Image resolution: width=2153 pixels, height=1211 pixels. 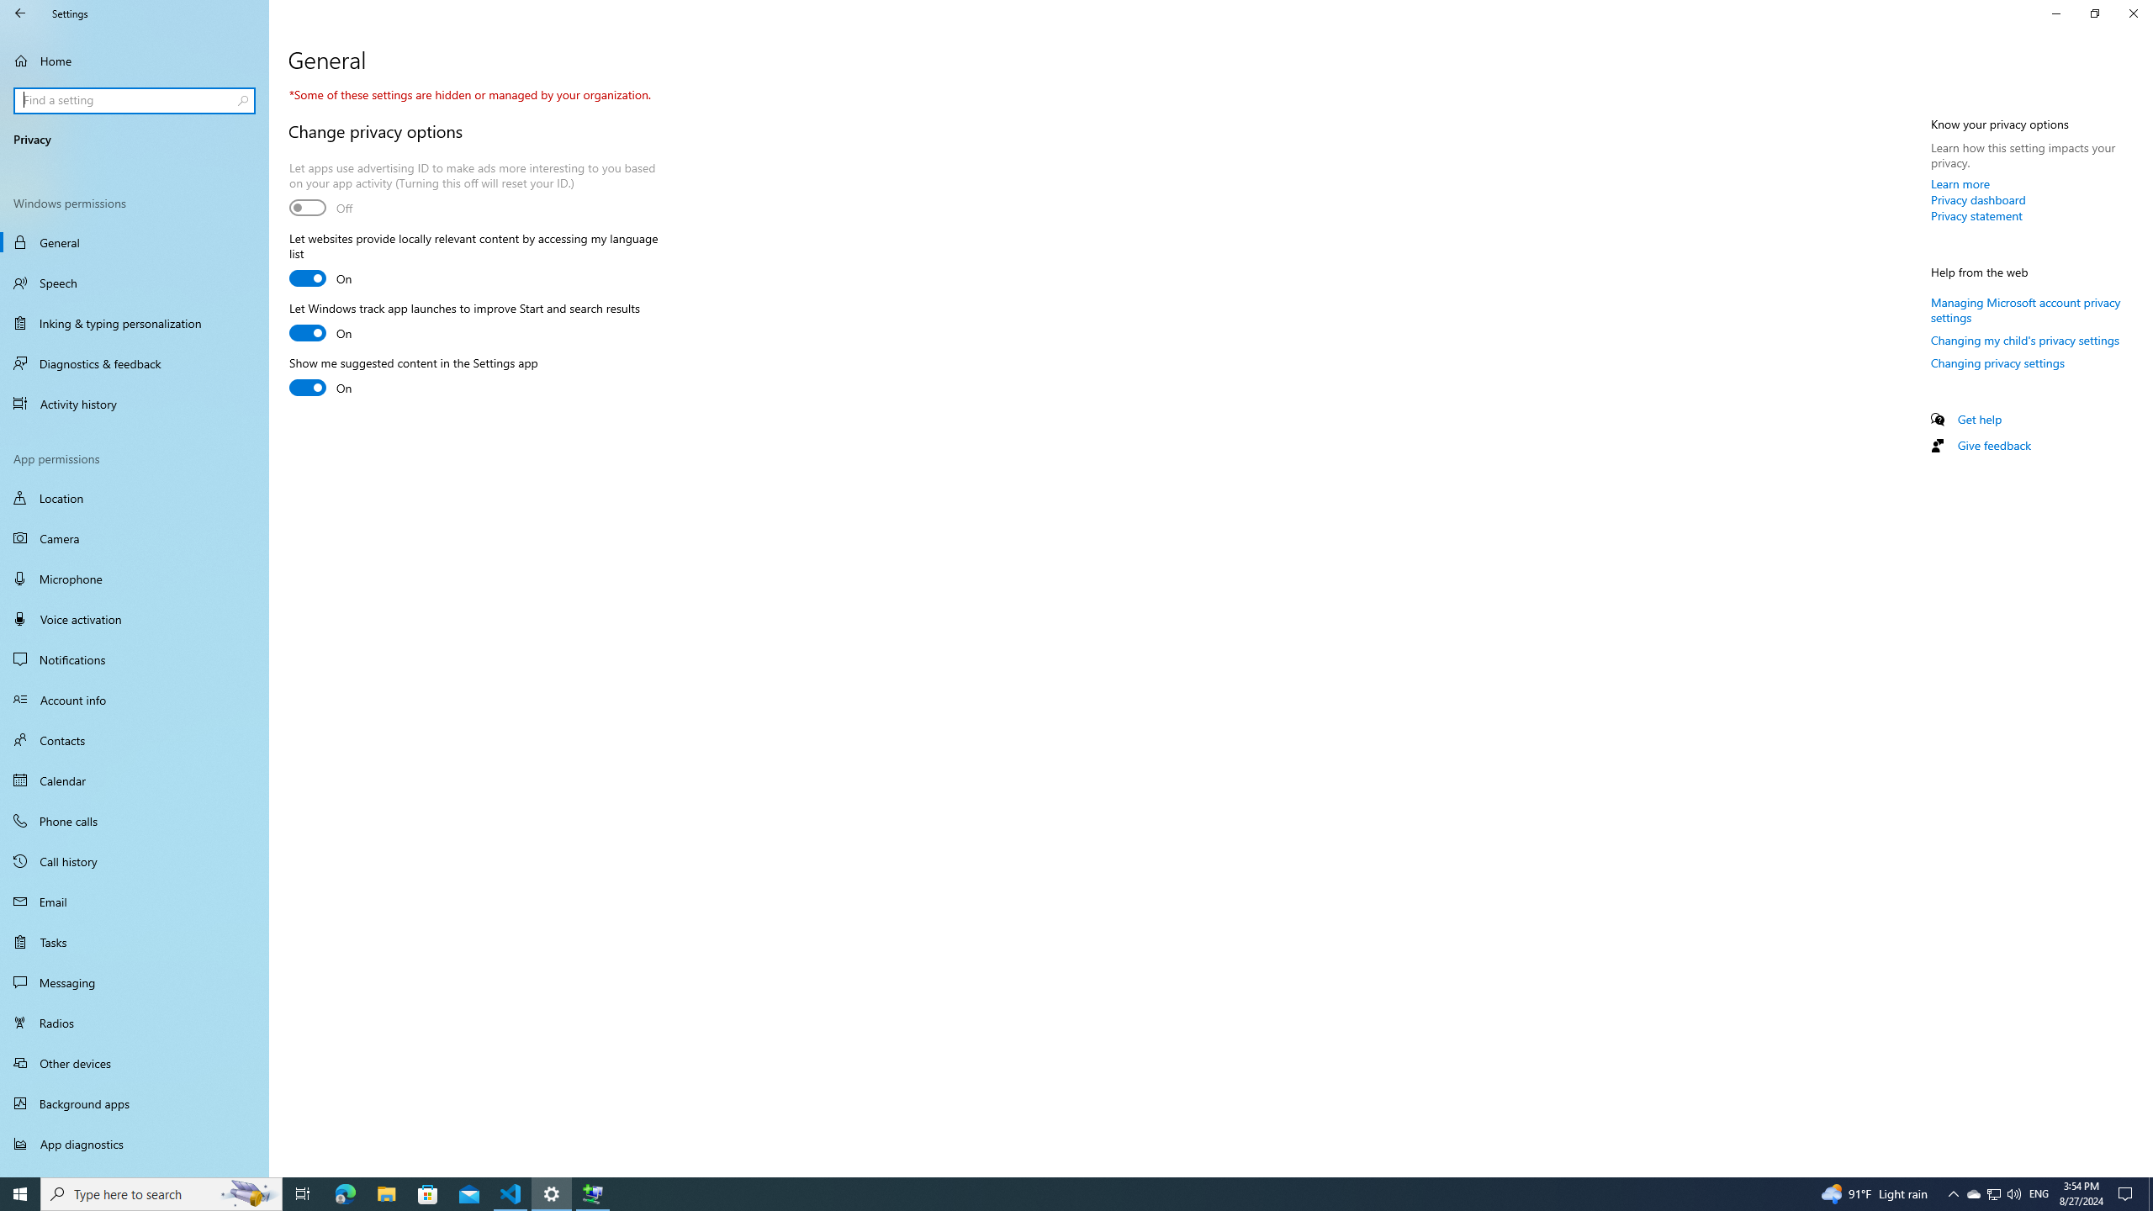 What do you see at coordinates (134, 1062) in the screenshot?
I see `'Other devices'` at bounding box center [134, 1062].